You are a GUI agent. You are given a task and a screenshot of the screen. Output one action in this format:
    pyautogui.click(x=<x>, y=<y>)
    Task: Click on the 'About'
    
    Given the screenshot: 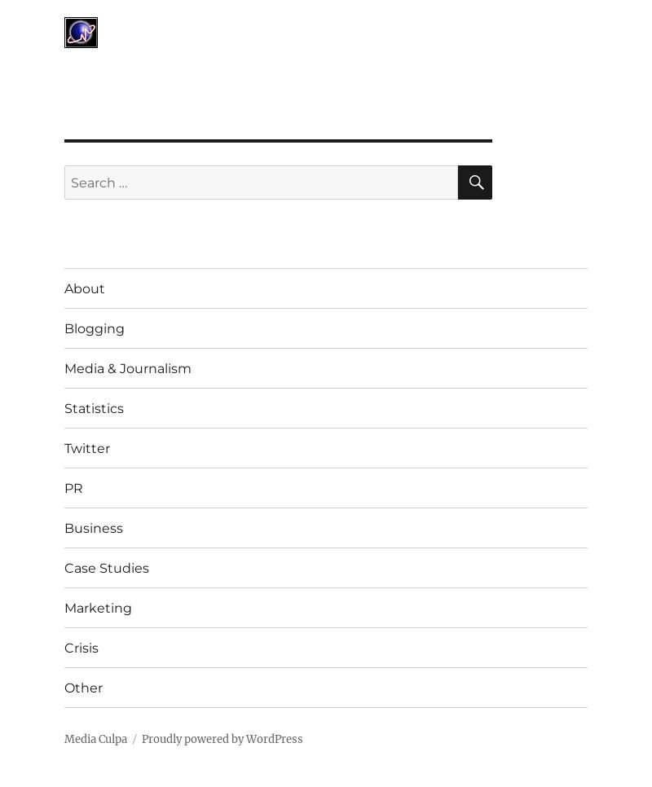 What is the action you would take?
    pyautogui.click(x=64, y=287)
    